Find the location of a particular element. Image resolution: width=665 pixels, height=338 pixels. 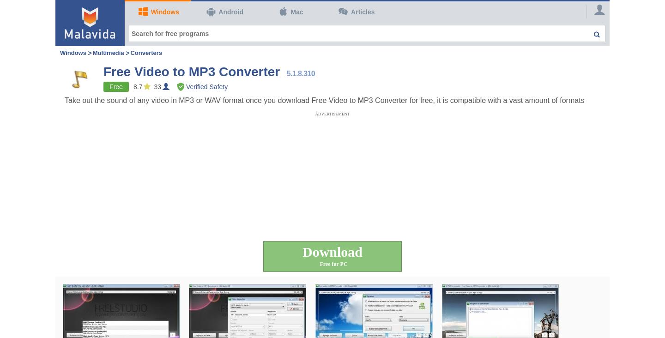

'Free for PC' is located at coordinates (333, 263).